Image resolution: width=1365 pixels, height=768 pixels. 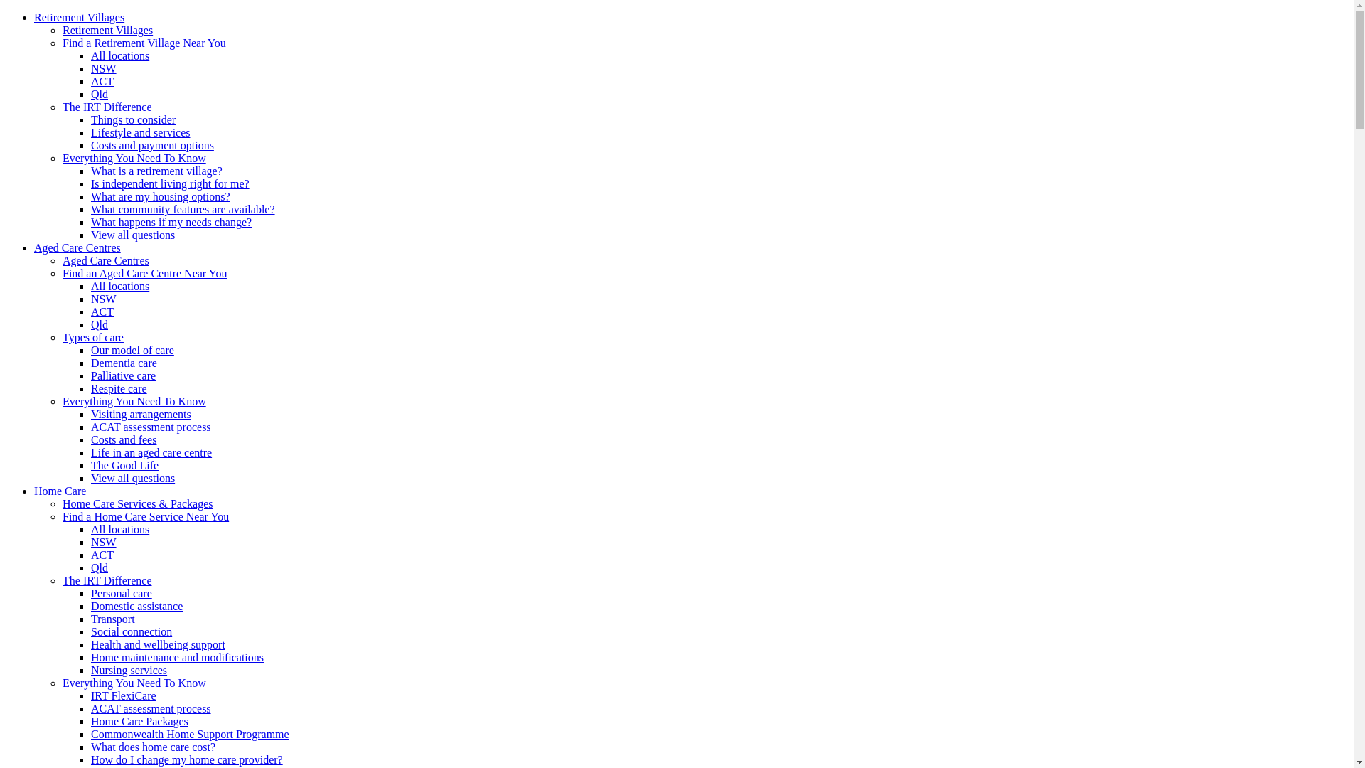 What do you see at coordinates (90, 452) in the screenshot?
I see `'Life in an aged care centre'` at bounding box center [90, 452].